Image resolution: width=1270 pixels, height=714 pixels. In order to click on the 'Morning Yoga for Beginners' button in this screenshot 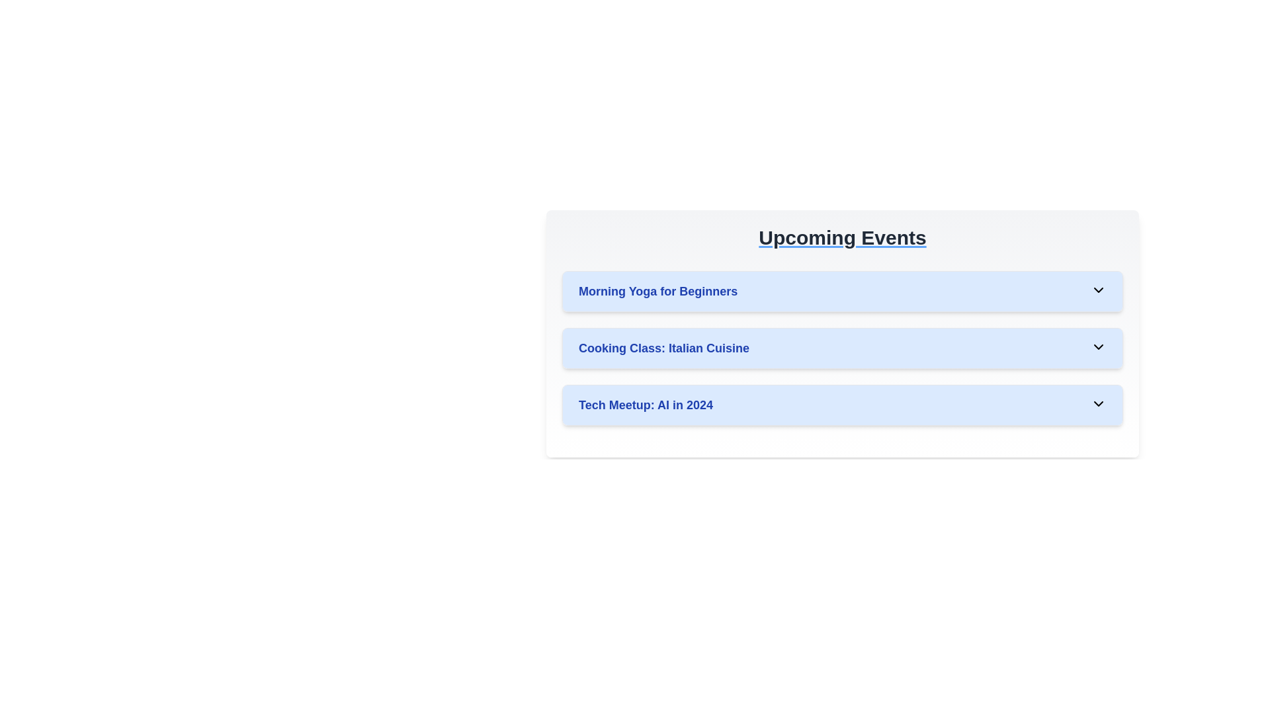, I will do `click(841, 290)`.